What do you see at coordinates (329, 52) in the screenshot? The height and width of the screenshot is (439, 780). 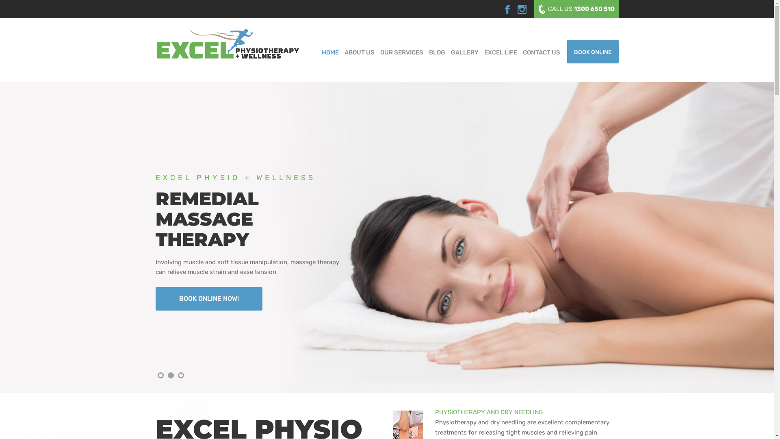 I see `'HOME'` at bounding box center [329, 52].